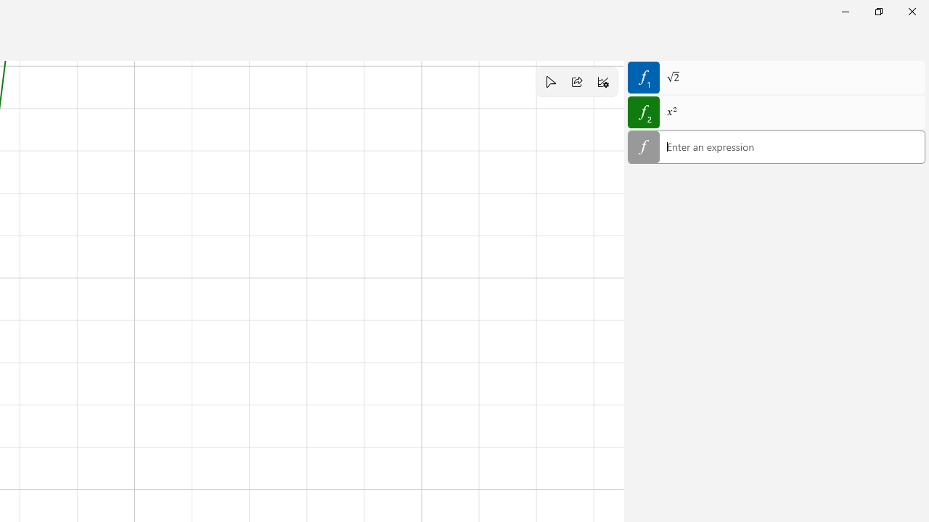 This screenshot has height=522, width=929. I want to click on 'Hide equation 1', so click(643, 77).